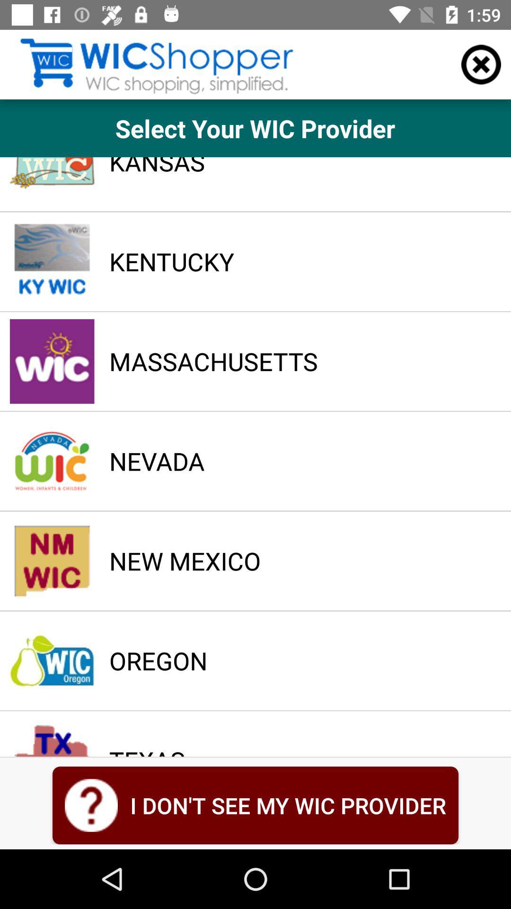 The width and height of the screenshot is (511, 909). Describe the element at coordinates (52, 261) in the screenshot. I see `the image which is beside the kentucky` at that location.